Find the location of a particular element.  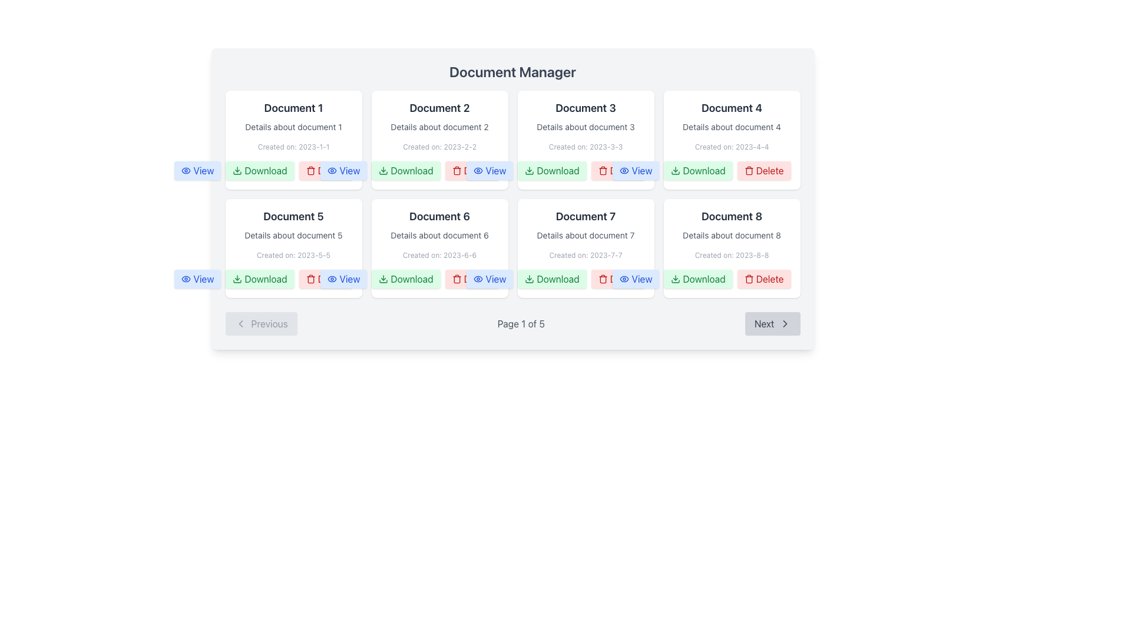

the 'View' button located as the third button in the sequence under the 'Document 3' section in the 'Document Manager' is located at coordinates (343, 170).